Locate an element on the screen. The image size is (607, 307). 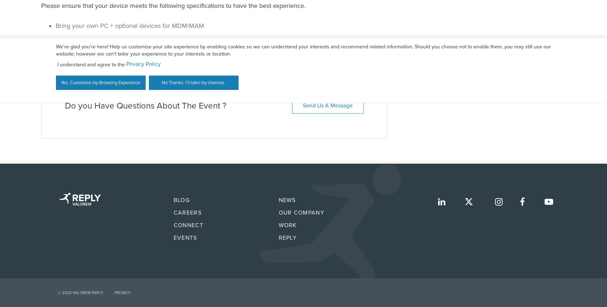
'PRIVACY' is located at coordinates (114, 292).